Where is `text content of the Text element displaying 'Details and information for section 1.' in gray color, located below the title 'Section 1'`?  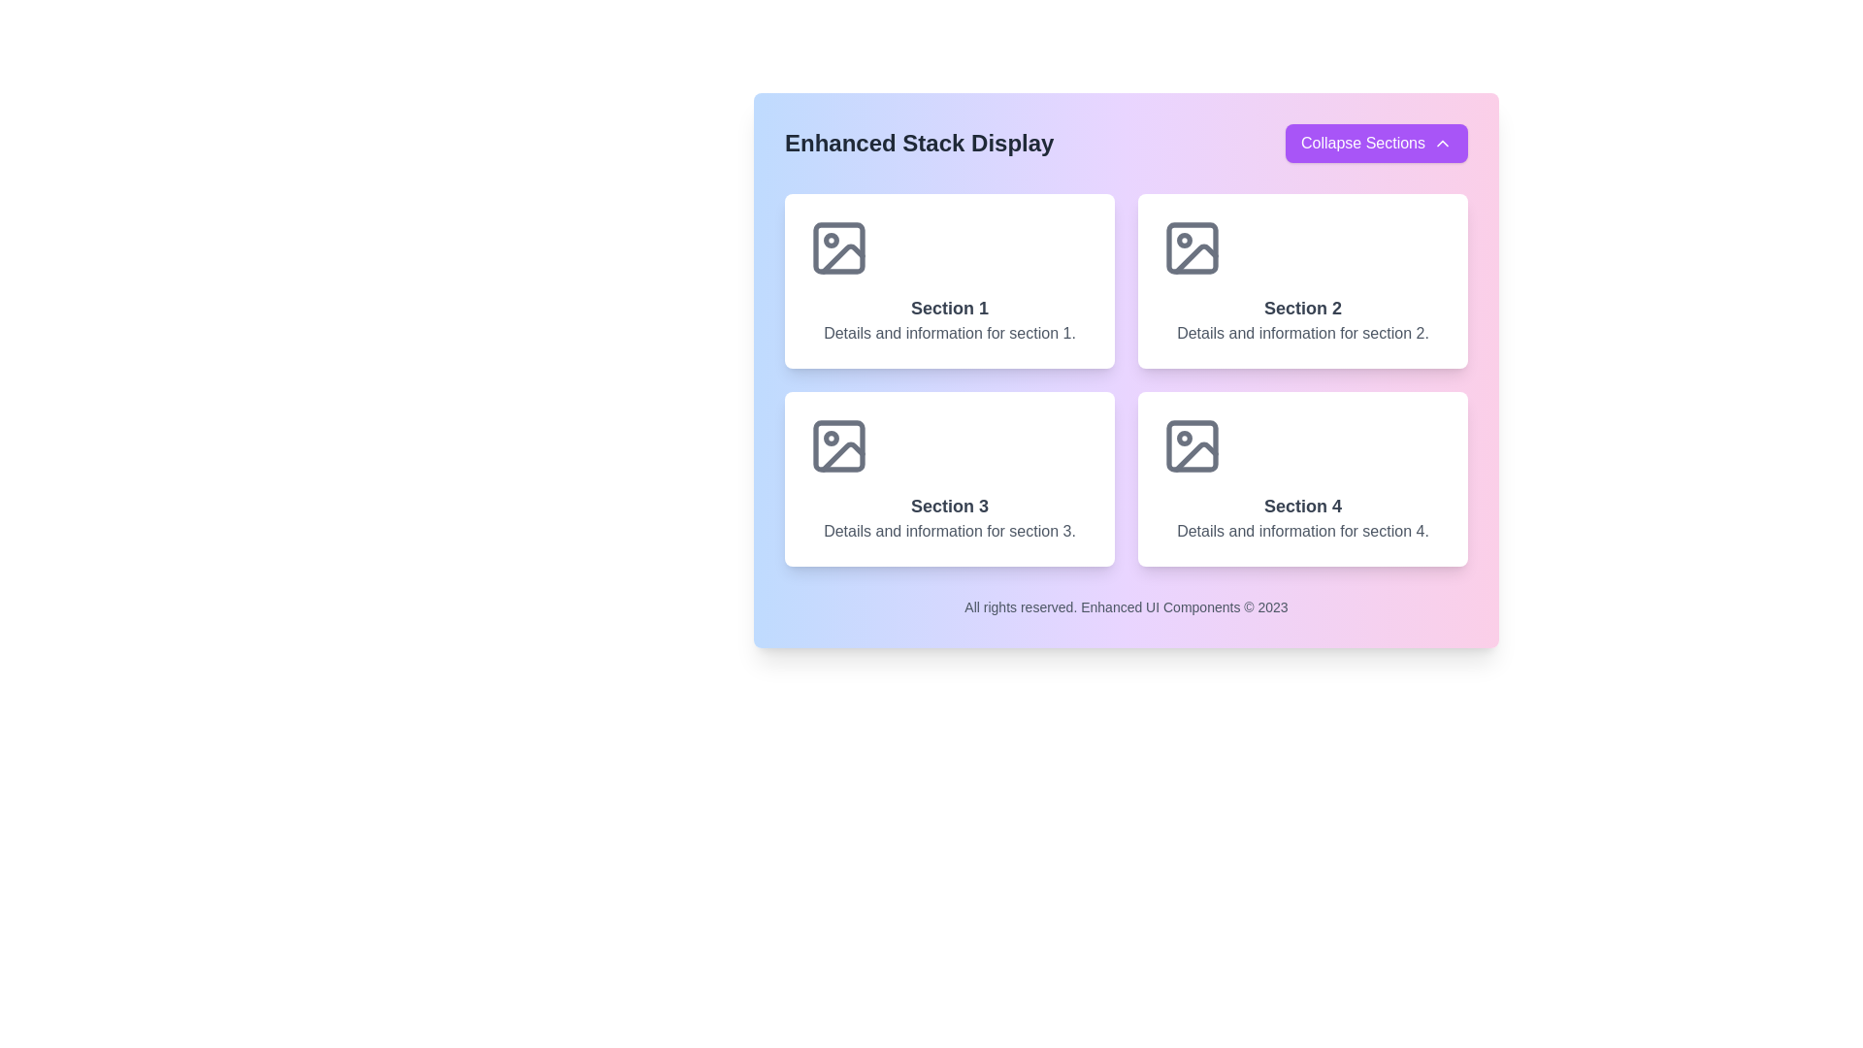 text content of the Text element displaying 'Details and information for section 1.' in gray color, located below the title 'Section 1' is located at coordinates (950, 332).